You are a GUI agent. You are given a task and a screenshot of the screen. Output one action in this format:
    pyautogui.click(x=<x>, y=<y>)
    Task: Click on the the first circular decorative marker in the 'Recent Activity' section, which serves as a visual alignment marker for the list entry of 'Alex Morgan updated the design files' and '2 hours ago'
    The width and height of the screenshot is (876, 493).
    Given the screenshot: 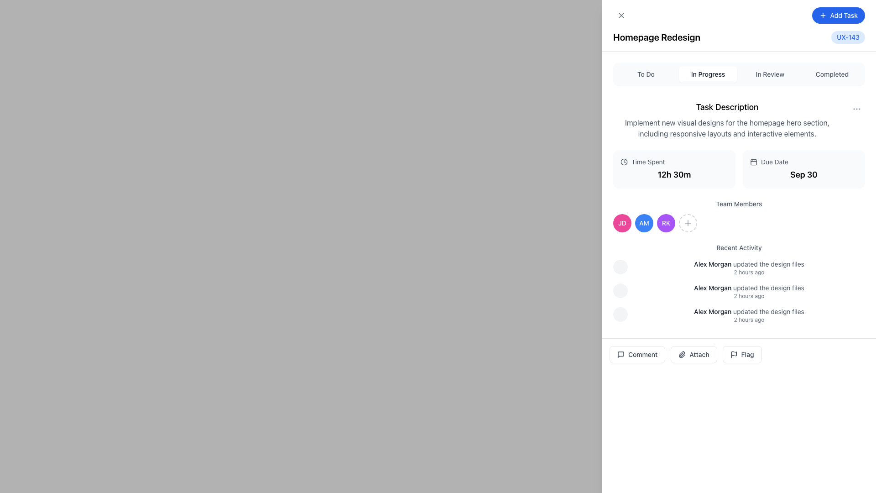 What is the action you would take?
    pyautogui.click(x=620, y=267)
    